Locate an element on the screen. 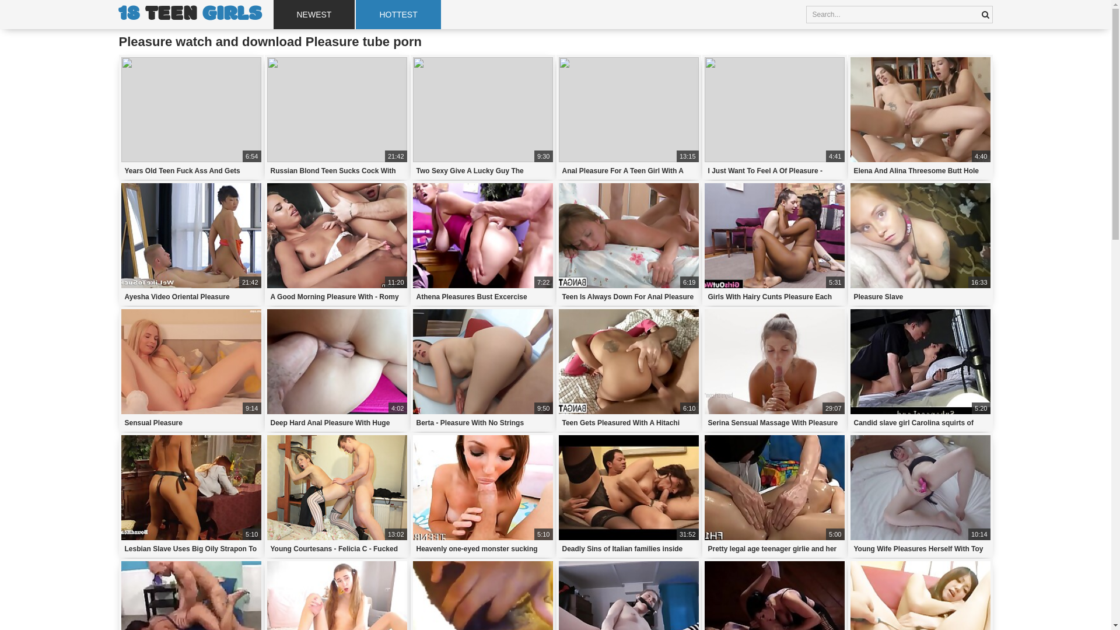 The image size is (1120, 630). '18 TEEN GIRLS' is located at coordinates (190, 14).